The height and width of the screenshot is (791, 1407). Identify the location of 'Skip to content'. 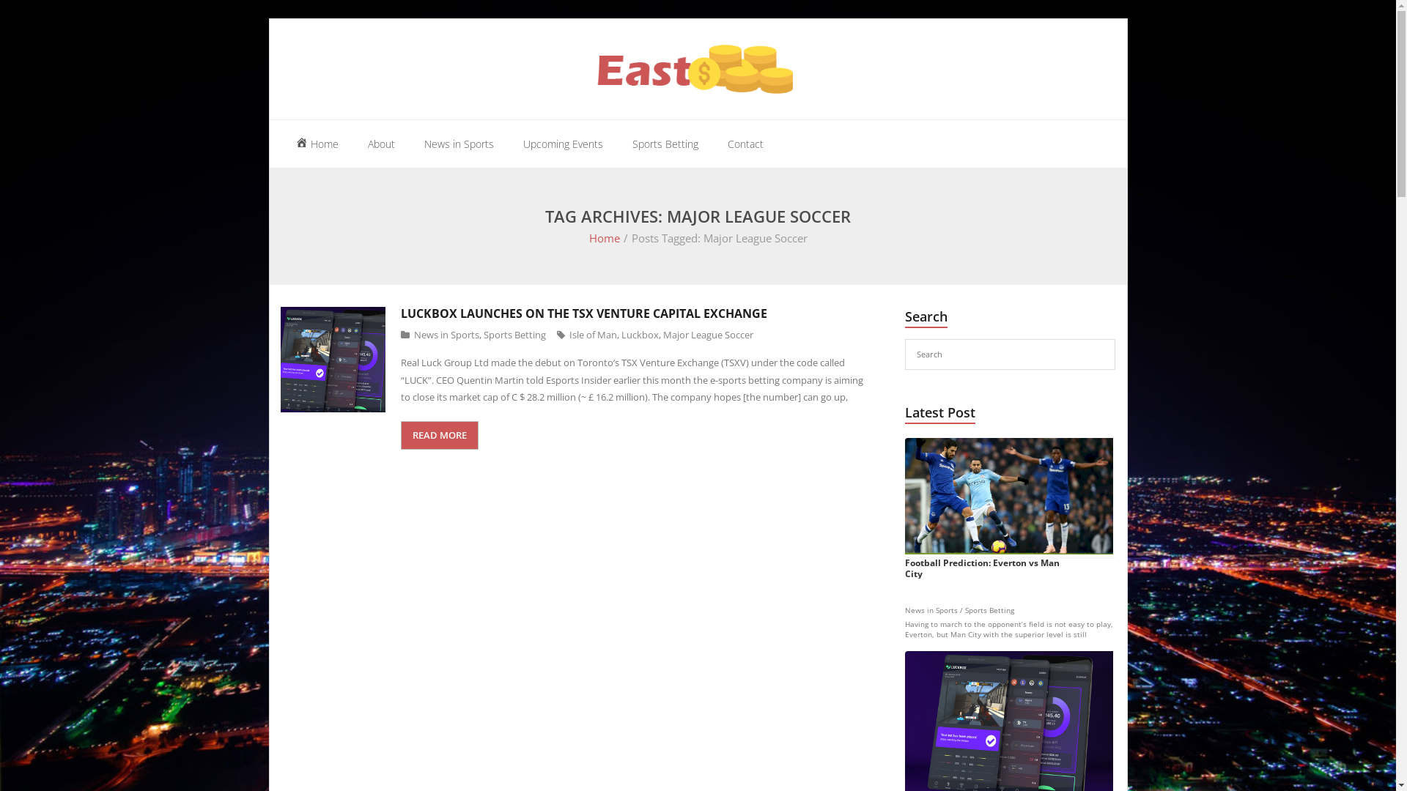
(268, 18).